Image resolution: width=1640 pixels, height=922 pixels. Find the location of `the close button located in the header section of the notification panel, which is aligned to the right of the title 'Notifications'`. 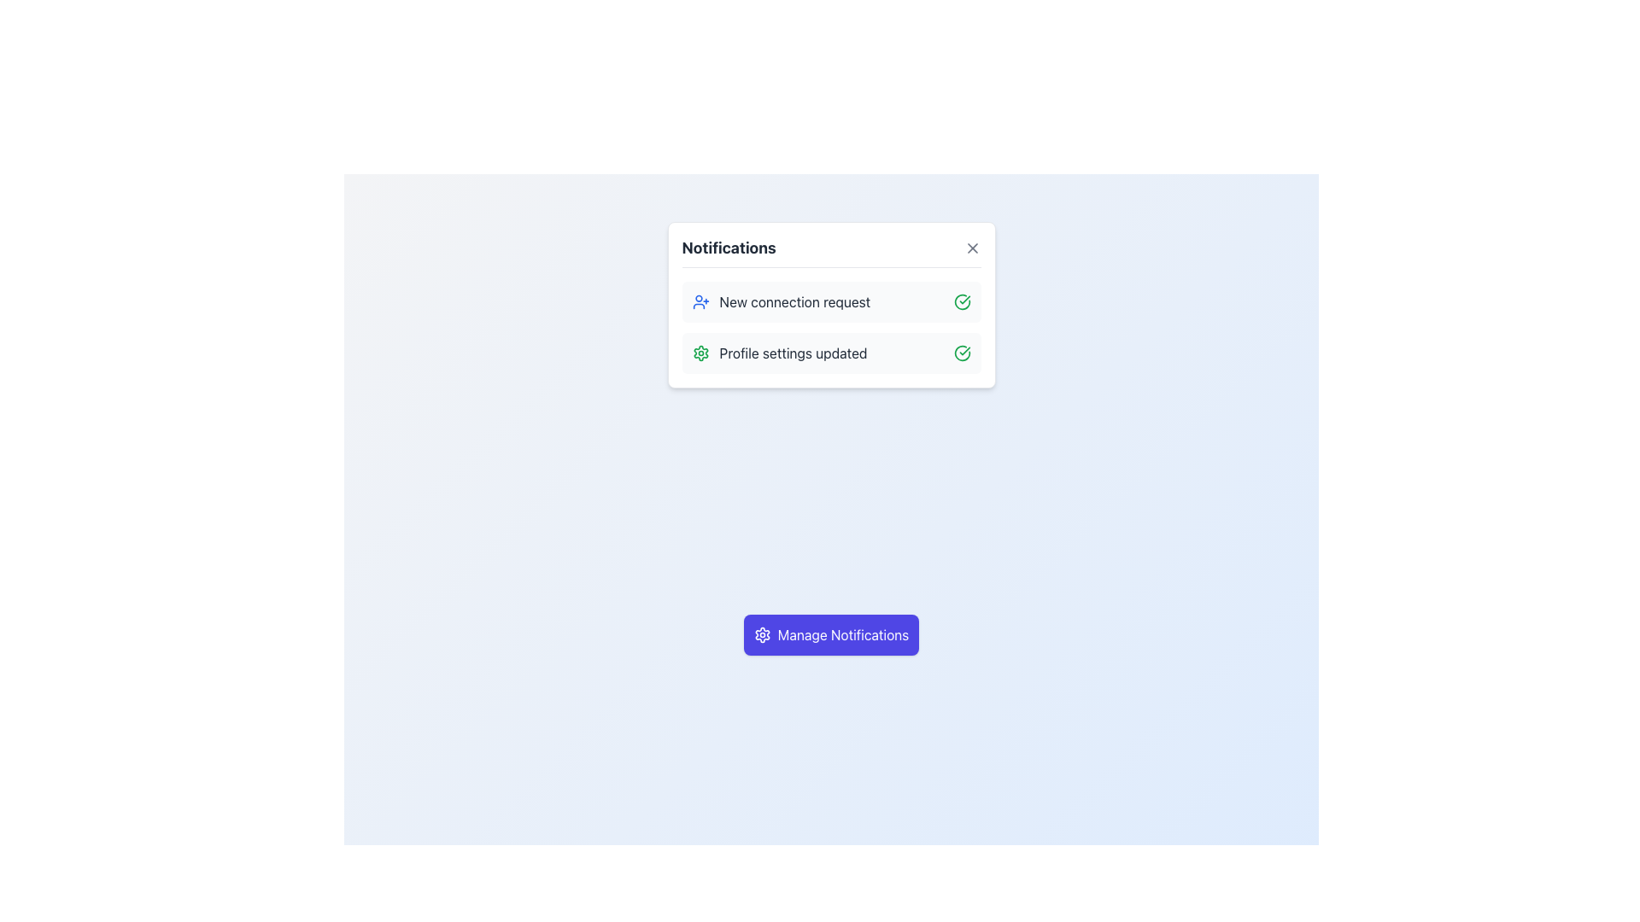

the close button located in the header section of the notification panel, which is aligned to the right of the title 'Notifications' is located at coordinates (972, 248).